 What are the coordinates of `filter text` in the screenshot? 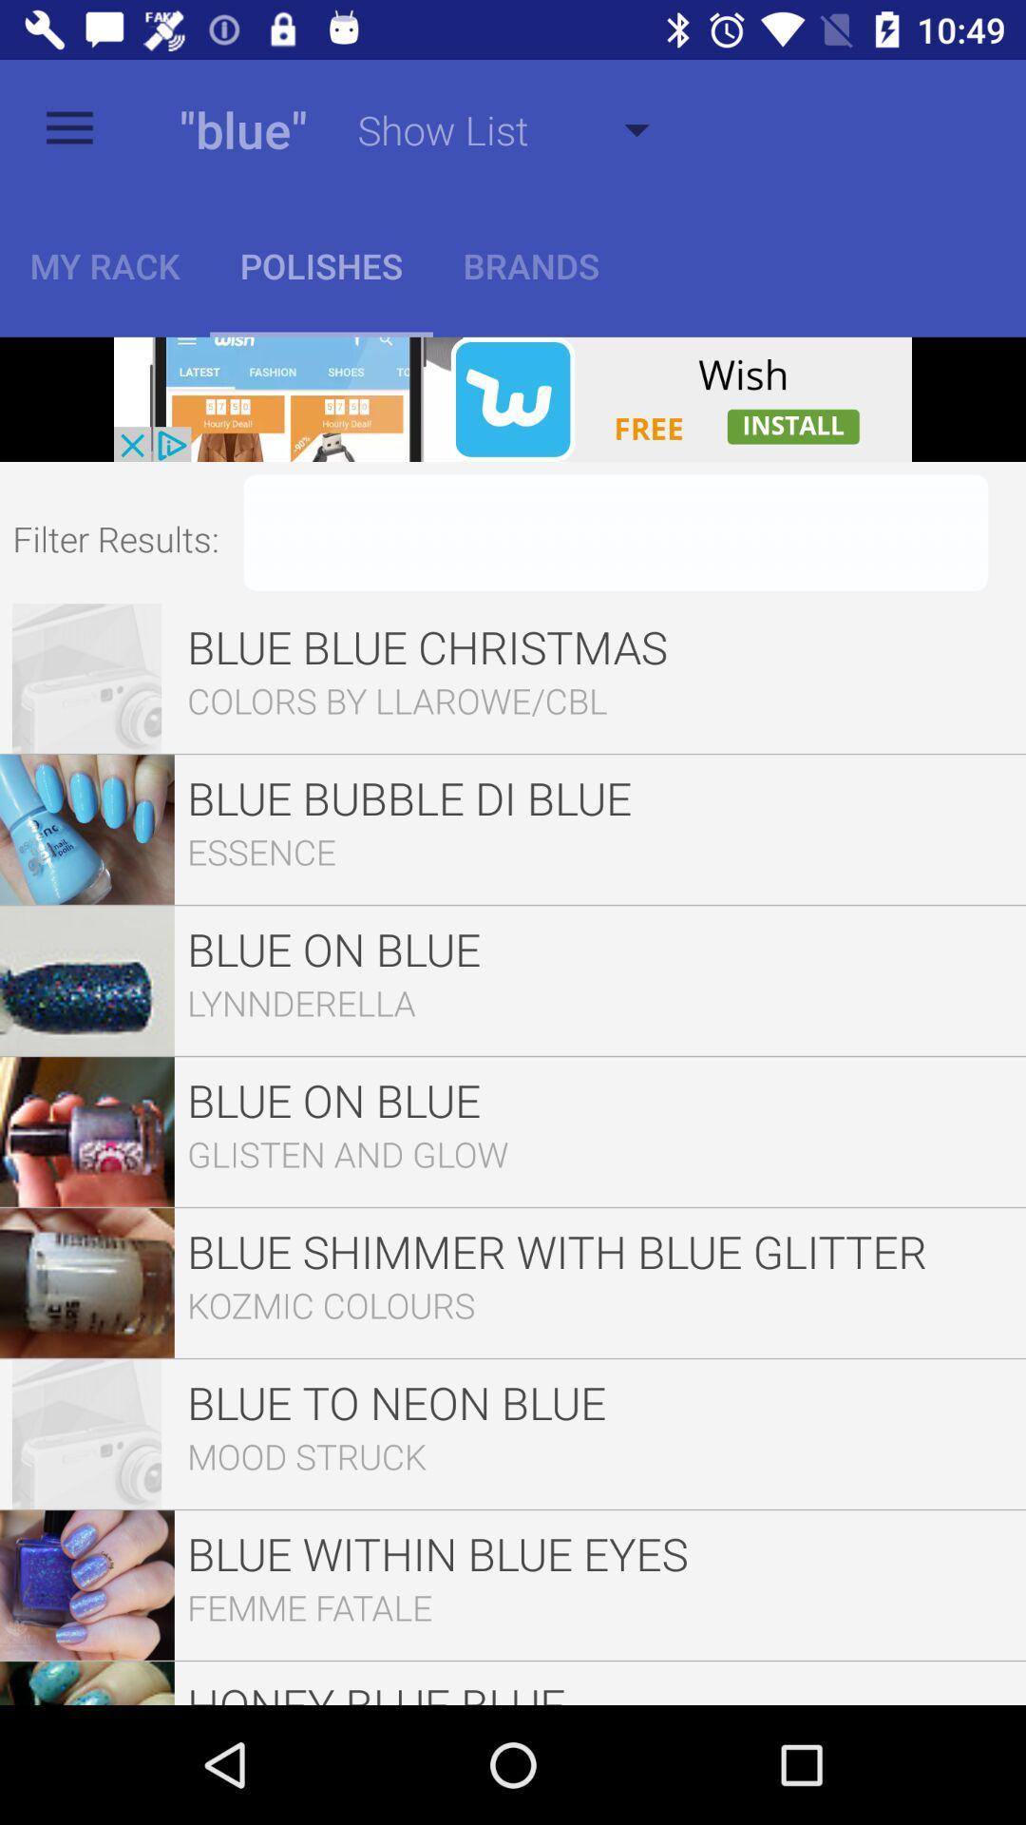 It's located at (616, 532).